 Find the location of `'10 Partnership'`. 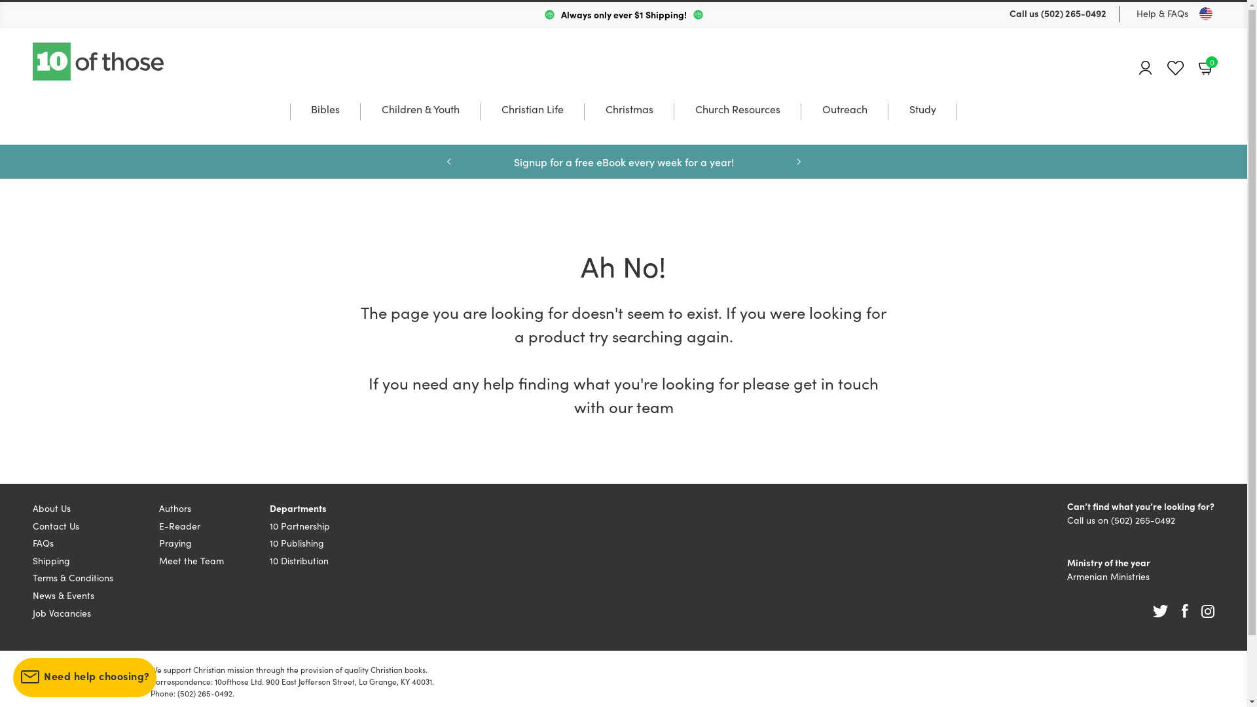

'10 Partnership' is located at coordinates (299, 524).